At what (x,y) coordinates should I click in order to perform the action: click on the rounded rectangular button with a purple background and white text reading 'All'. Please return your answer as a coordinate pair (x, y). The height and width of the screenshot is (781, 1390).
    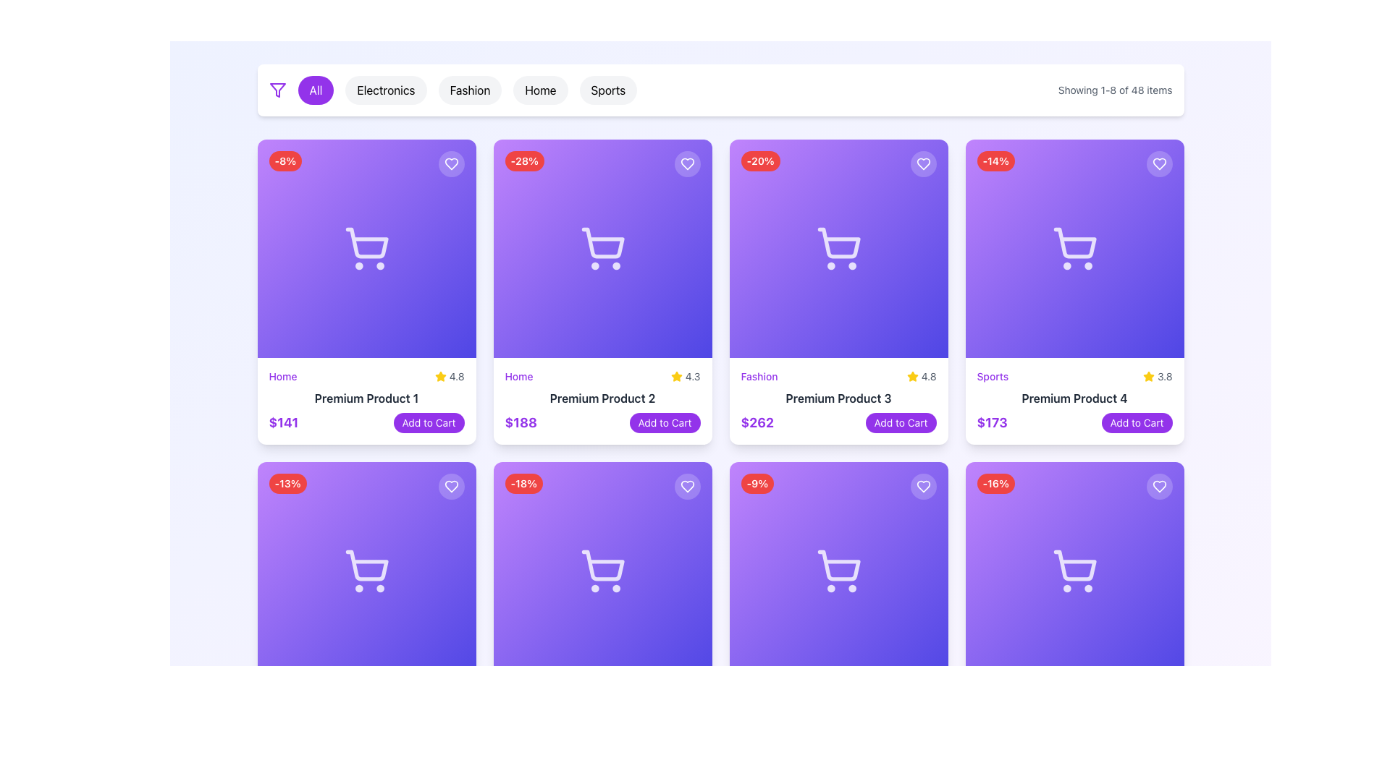
    Looking at the image, I should click on (315, 90).